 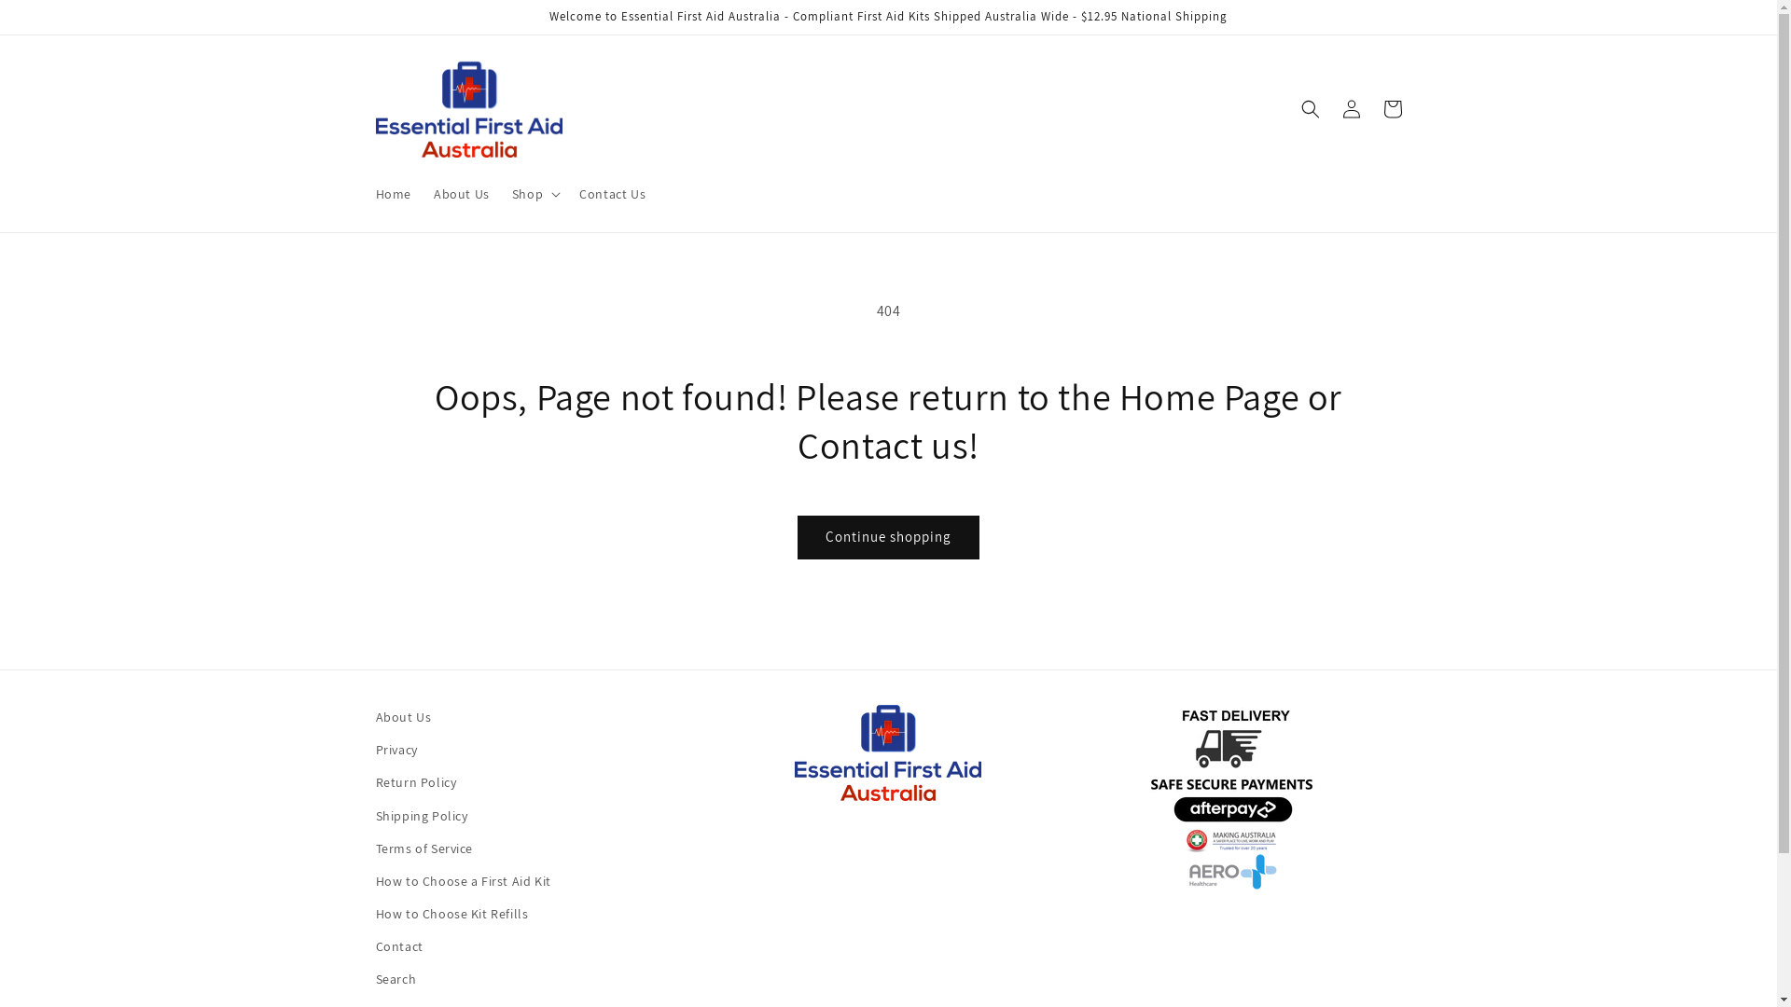 I want to click on 'How to Choose a First Aid Kit', so click(x=462, y=881).